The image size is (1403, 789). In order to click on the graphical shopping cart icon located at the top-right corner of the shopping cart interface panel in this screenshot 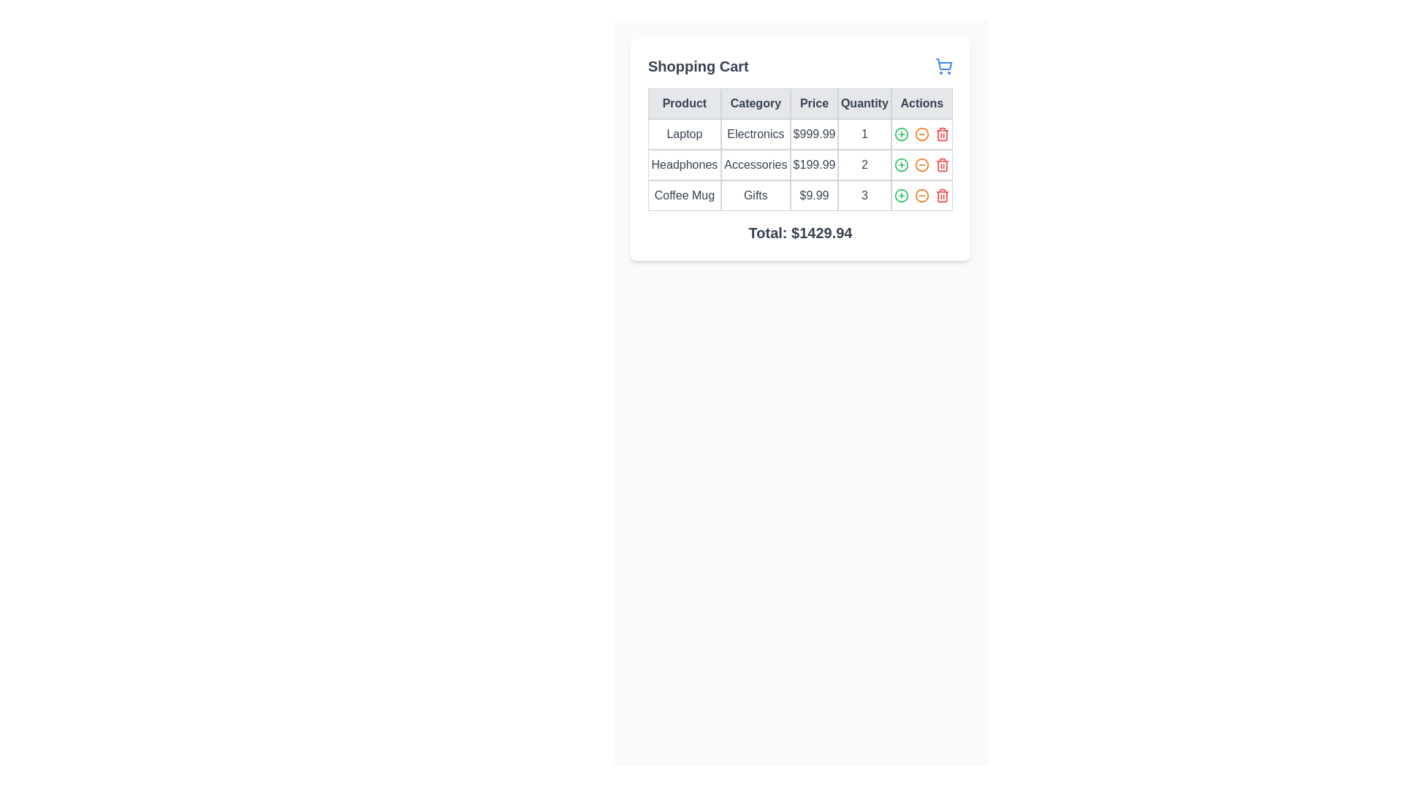, I will do `click(944, 64)`.